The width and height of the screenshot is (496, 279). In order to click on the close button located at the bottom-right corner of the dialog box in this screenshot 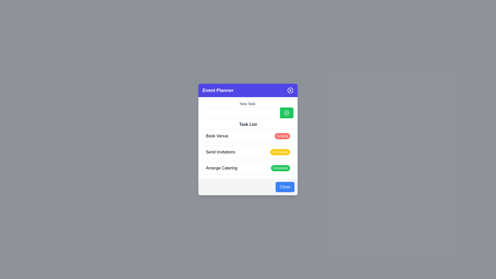, I will do `click(285, 187)`.